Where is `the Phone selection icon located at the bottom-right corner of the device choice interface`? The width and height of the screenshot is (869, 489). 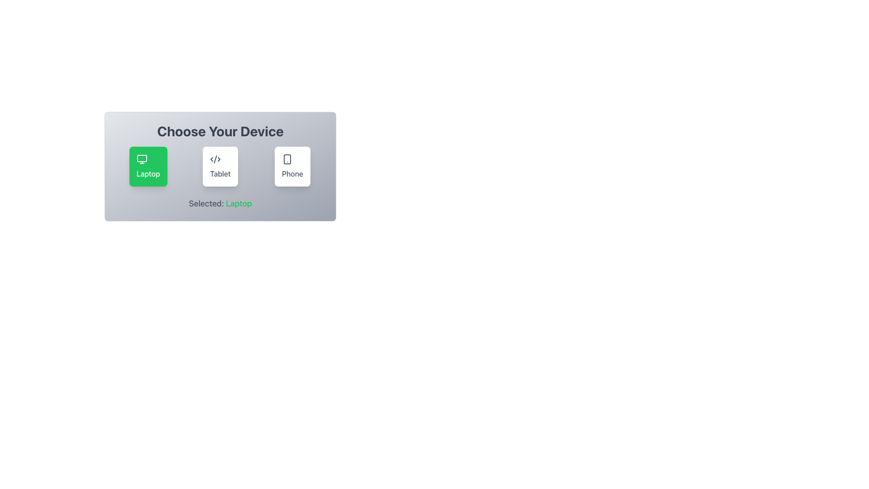 the Phone selection icon located at the bottom-right corner of the device choice interface is located at coordinates (286, 158).